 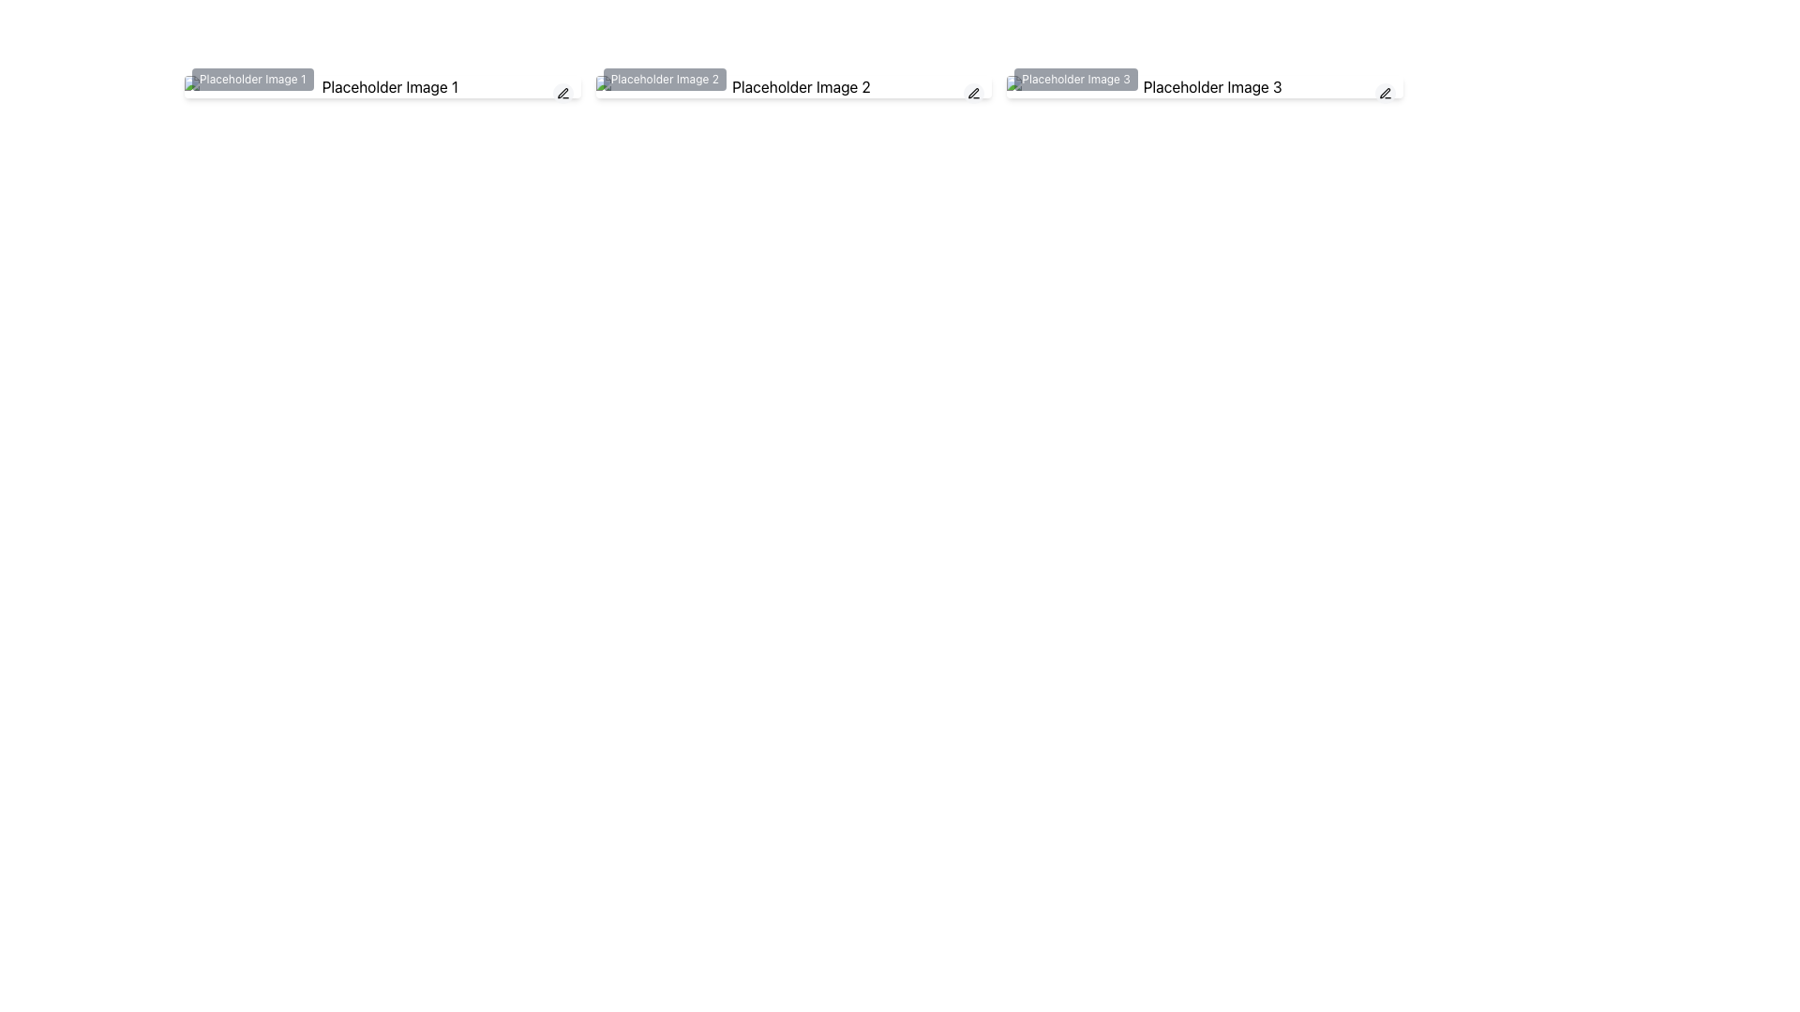 What do you see at coordinates (973, 94) in the screenshot?
I see `the pen-shaped edit icon located at the top-right corner of 'Placeholder Image 2'` at bounding box center [973, 94].